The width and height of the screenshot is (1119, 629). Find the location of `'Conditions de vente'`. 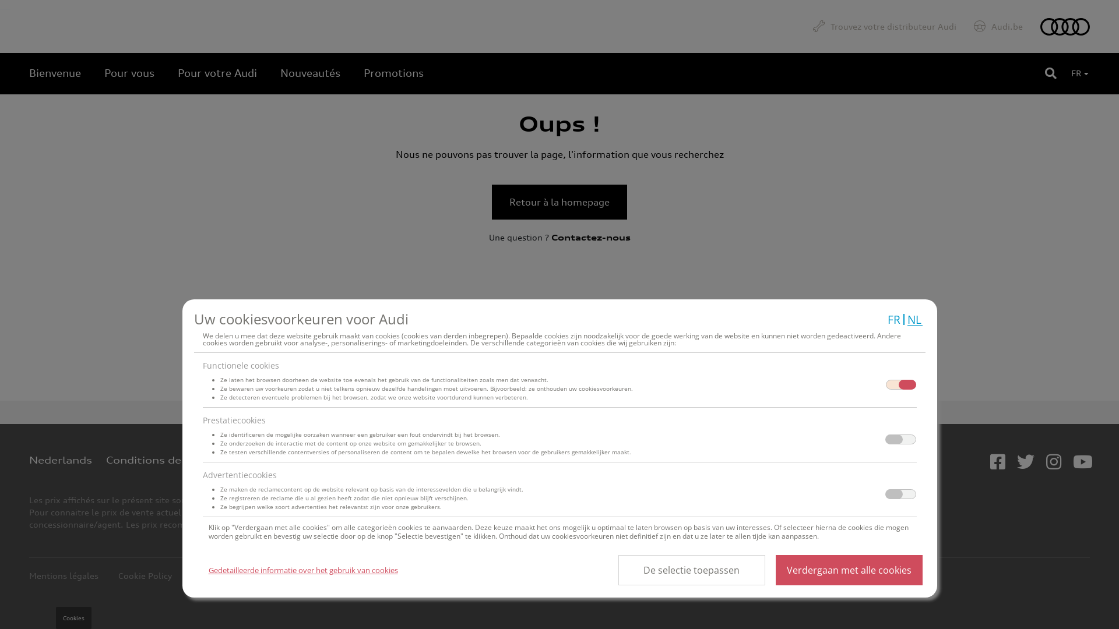

'Conditions de vente' is located at coordinates (160, 460).